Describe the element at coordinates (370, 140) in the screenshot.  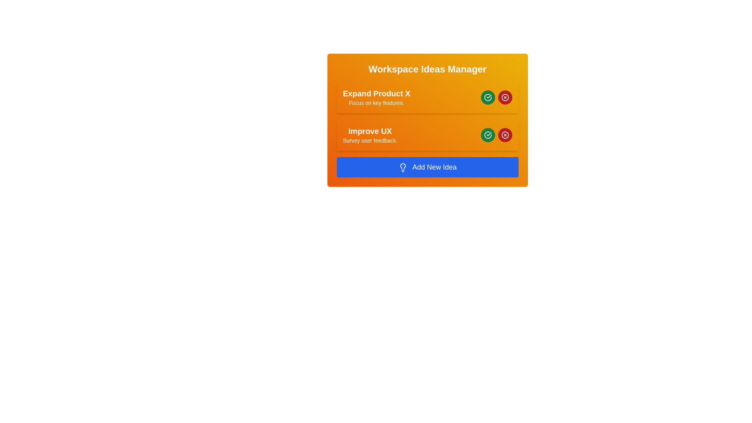
I see `the text label displaying 'Survey user feedback.' which is styled with a small font size and located beneath 'Improve UX' within an orange background` at that location.